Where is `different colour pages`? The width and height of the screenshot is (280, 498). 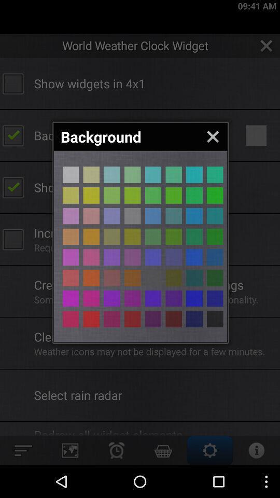 different colour pages is located at coordinates (70, 319).